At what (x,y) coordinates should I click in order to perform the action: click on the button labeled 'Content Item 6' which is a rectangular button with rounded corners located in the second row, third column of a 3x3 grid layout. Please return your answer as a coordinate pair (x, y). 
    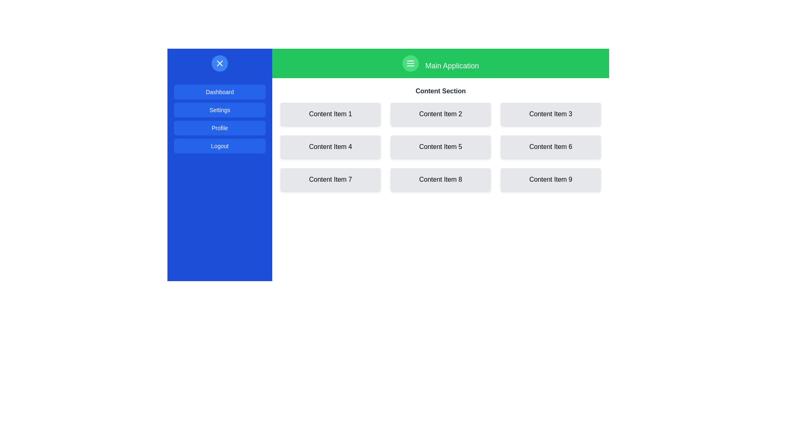
    Looking at the image, I should click on (551, 146).